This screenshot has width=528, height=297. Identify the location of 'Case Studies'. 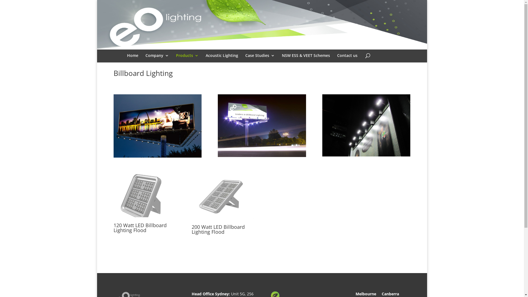
(260, 59).